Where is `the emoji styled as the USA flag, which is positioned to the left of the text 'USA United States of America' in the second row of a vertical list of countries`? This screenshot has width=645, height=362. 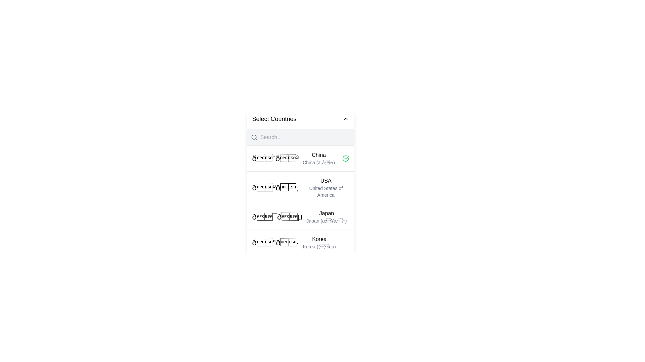 the emoji styled as the USA flag, which is positioned to the left of the text 'USA United States of America' in the second row of a vertical list of countries is located at coordinates (275, 187).